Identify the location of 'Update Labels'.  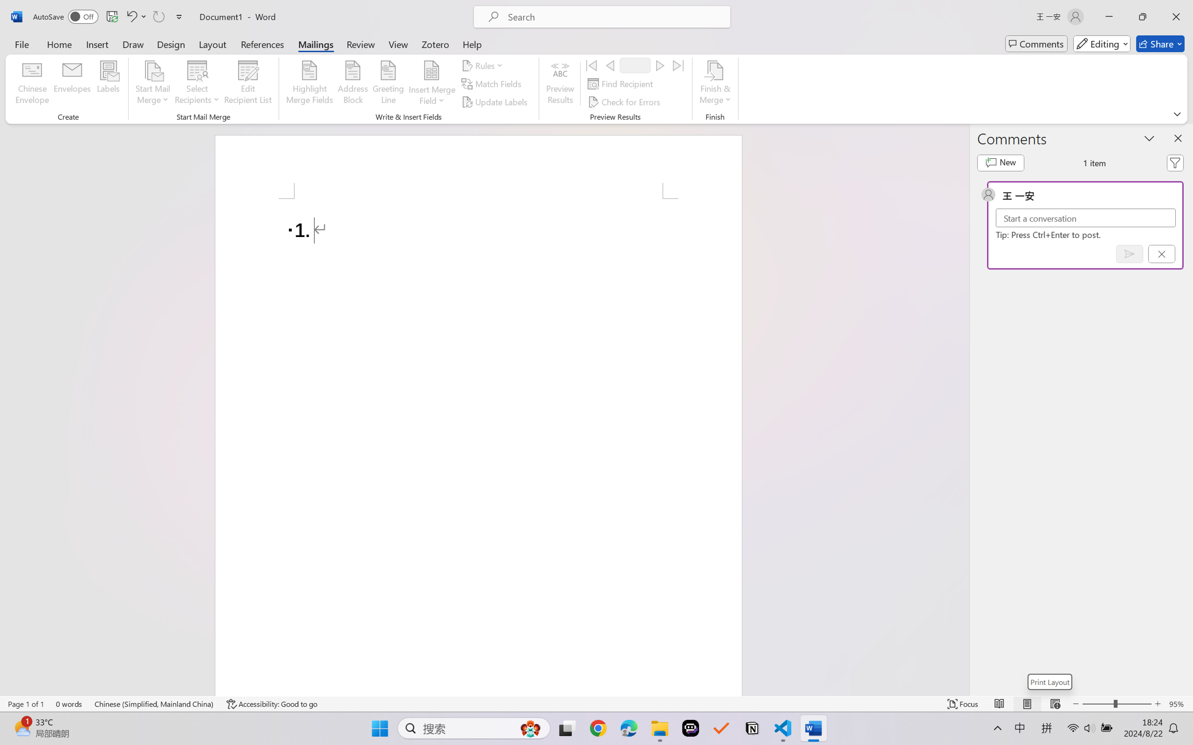
(495, 102).